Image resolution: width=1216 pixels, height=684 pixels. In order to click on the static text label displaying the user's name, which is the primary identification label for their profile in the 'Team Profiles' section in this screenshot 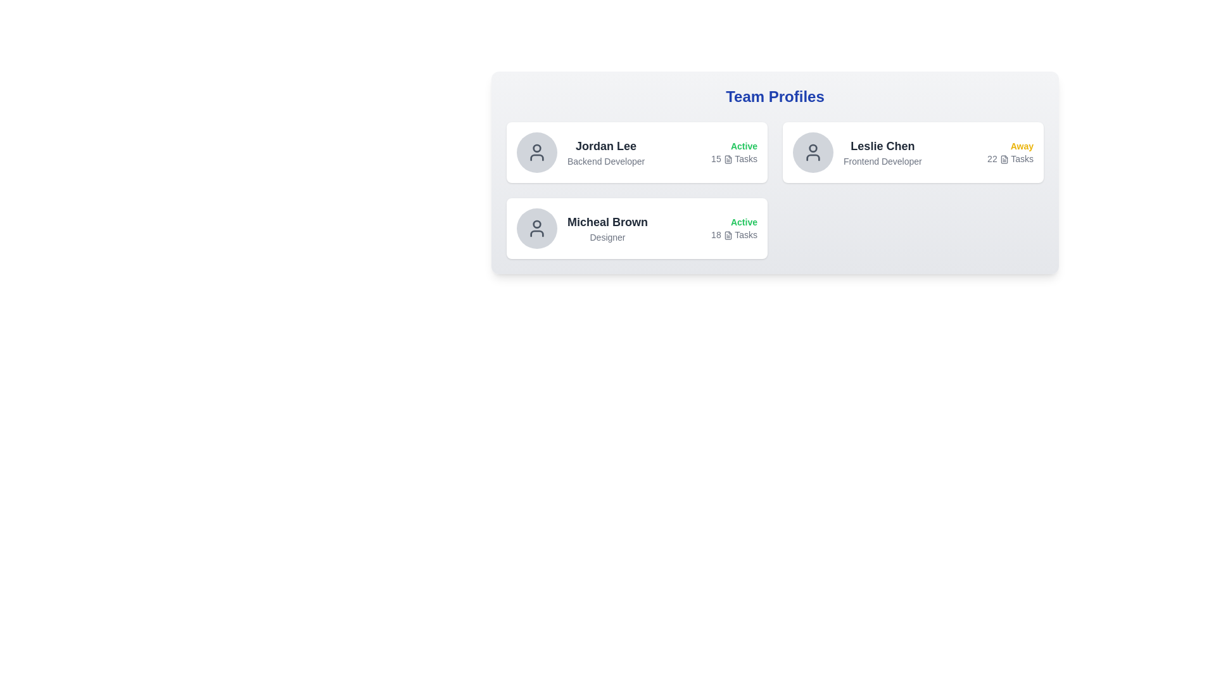, I will do `click(605, 146)`.